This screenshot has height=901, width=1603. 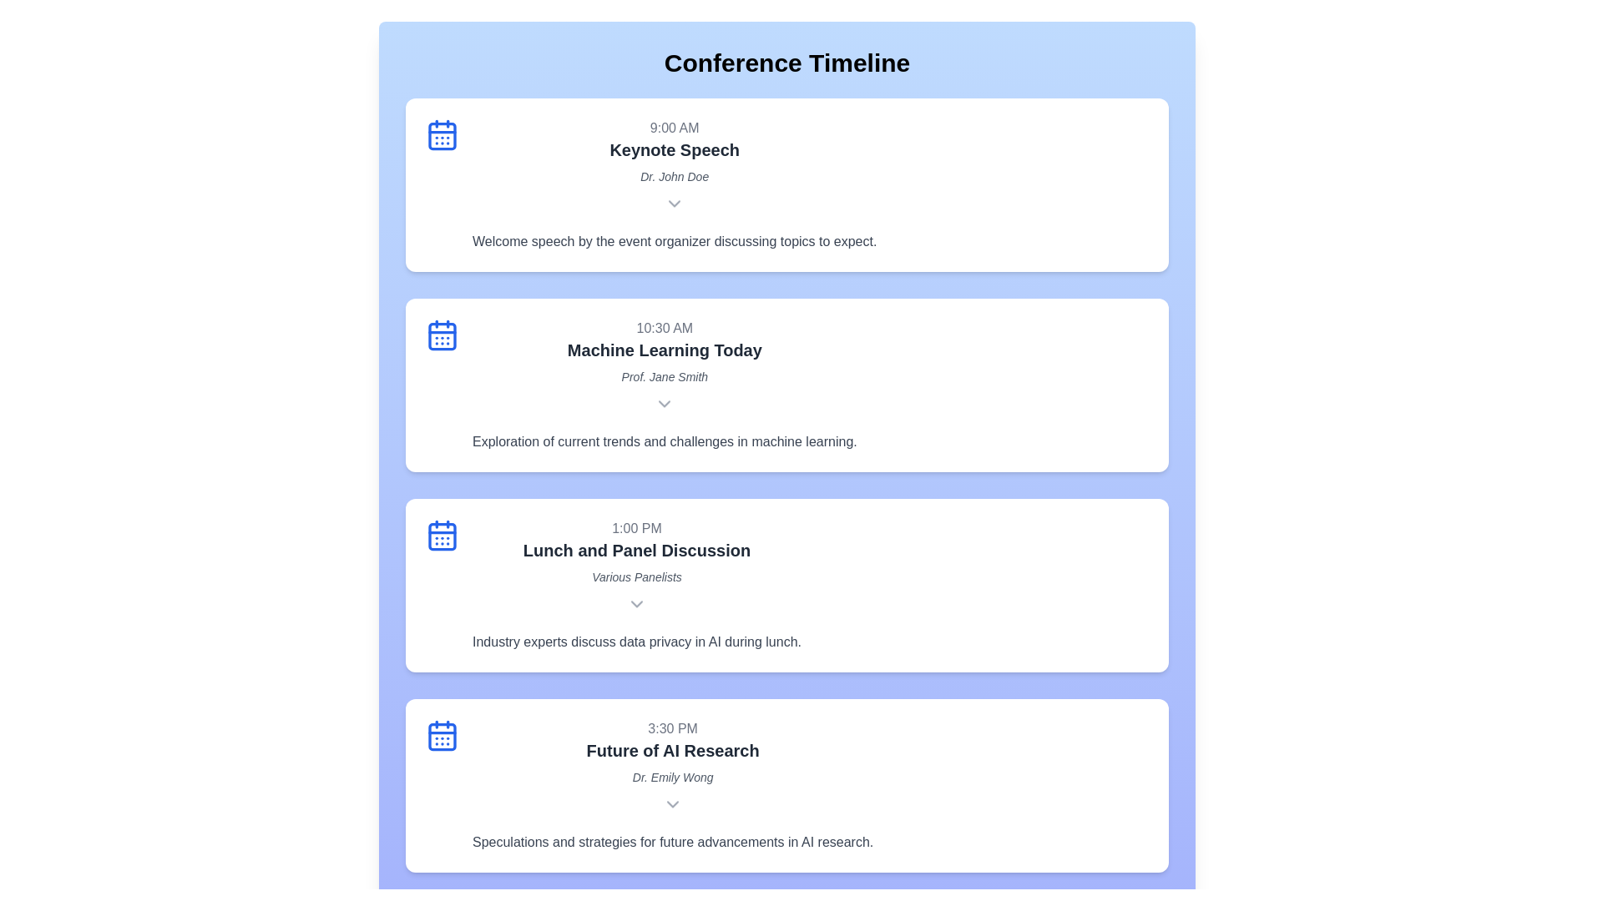 What do you see at coordinates (442, 134) in the screenshot?
I see `the calendar-related icon located at the top-left corner of the first card in the event schedule, which precedes the text 'Keynote Speech' and '9:00 AM'` at bounding box center [442, 134].